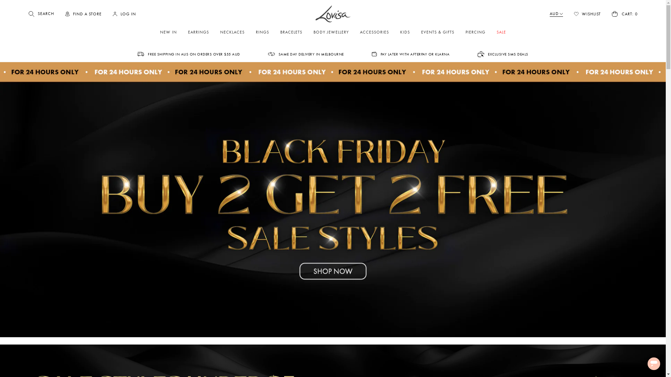 This screenshot has width=671, height=377. I want to click on 'NECKLACES', so click(232, 32).